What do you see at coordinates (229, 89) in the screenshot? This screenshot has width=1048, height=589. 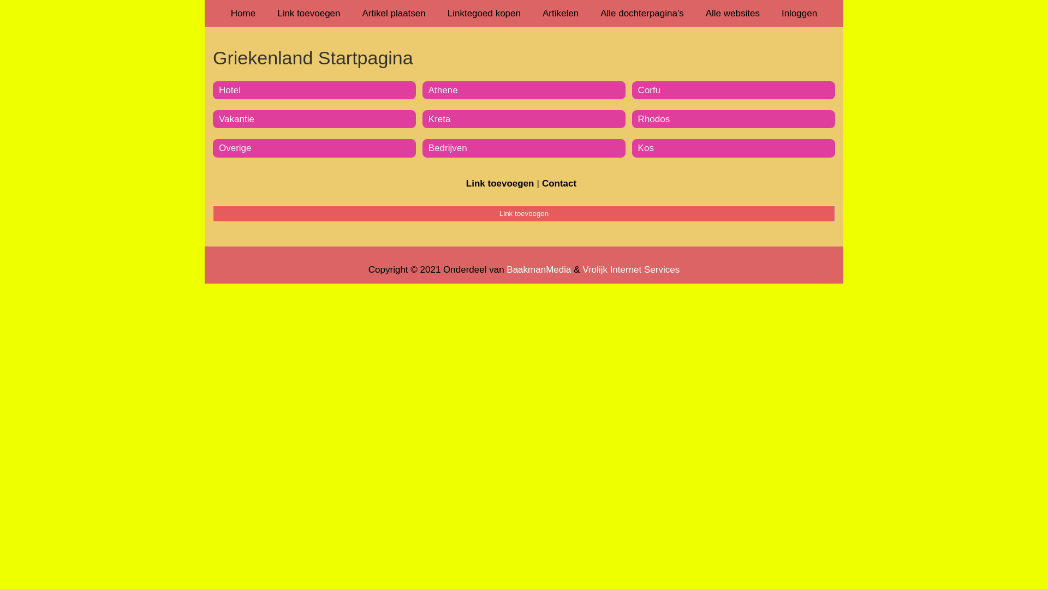 I see `'Hotel'` at bounding box center [229, 89].